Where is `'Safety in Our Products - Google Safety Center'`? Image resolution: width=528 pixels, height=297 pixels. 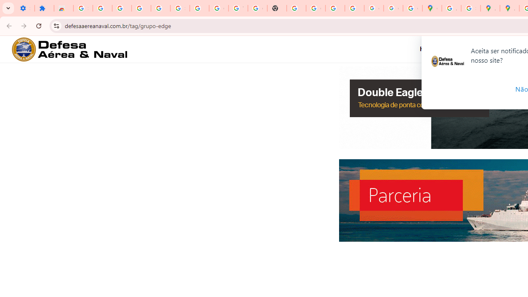
'Safety in Our Products - Google Safety Center' is located at coordinates (471, 8).